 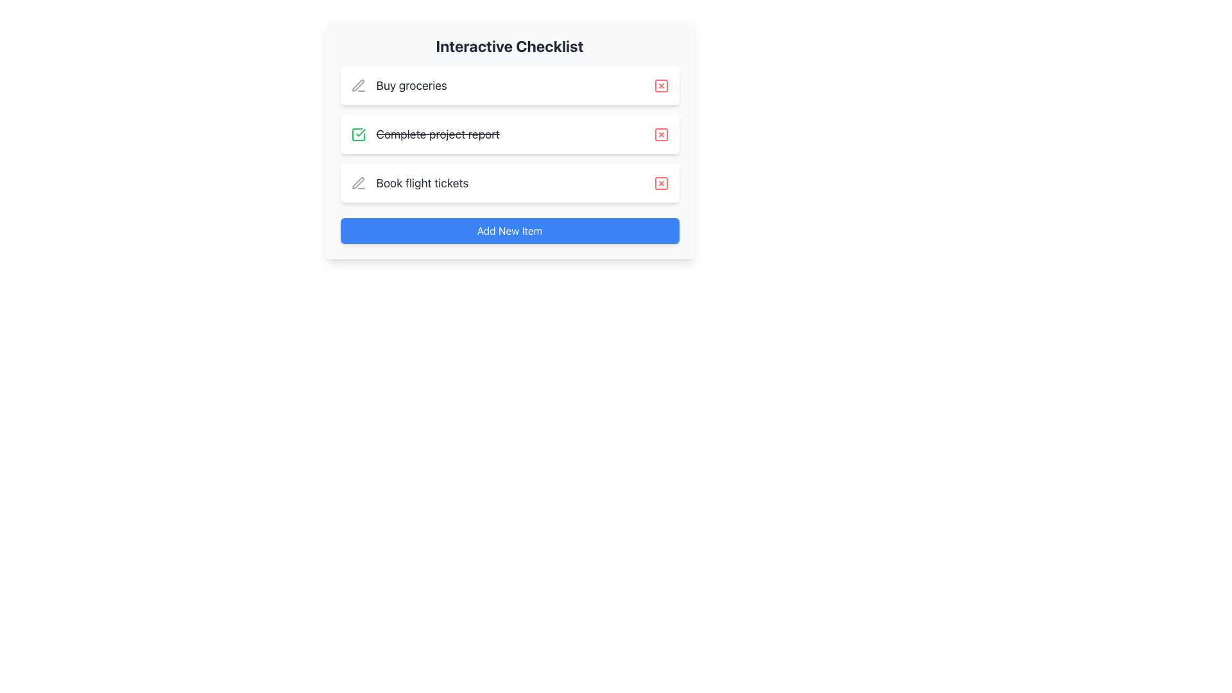 I want to click on the checkmark icon representing a completed task in the checklist interface, located inside the square box of the second item labeled 'Complete project report', so click(x=358, y=134).